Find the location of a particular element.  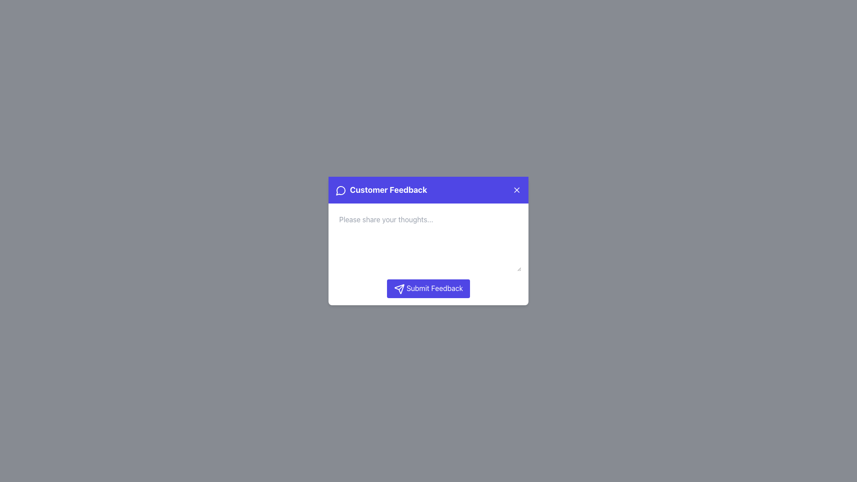

the 'Customer Feedback' text label, which is styled with white text on a purple background and located in the header of a pop-up interface, next to a speech bubble icon is located at coordinates (381, 190).